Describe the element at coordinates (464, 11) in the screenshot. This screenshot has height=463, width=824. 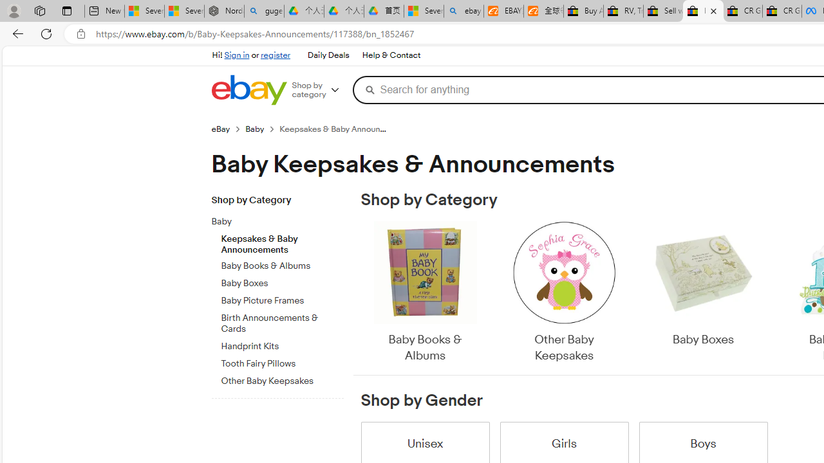
I see `'ebay - Search'` at that location.